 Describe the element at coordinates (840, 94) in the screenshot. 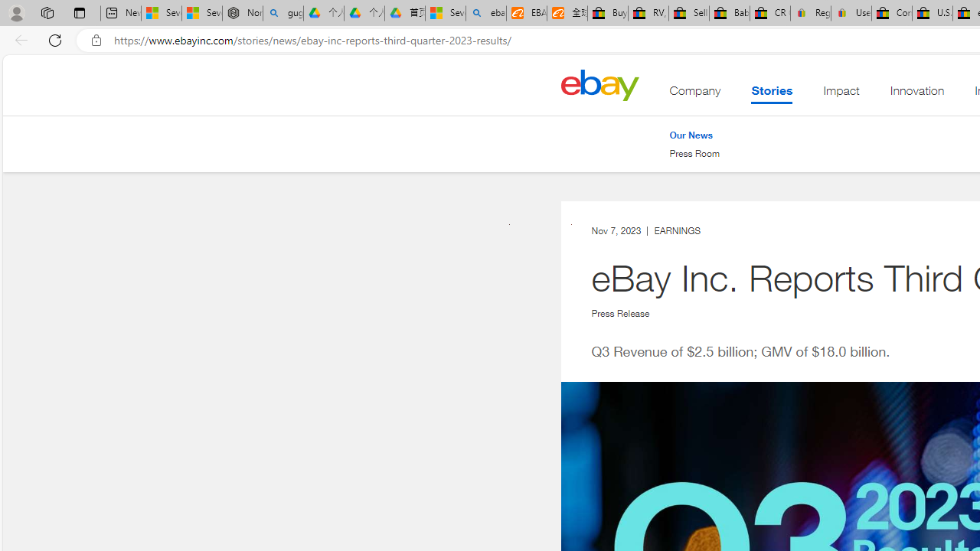

I see `'Impact'` at that location.